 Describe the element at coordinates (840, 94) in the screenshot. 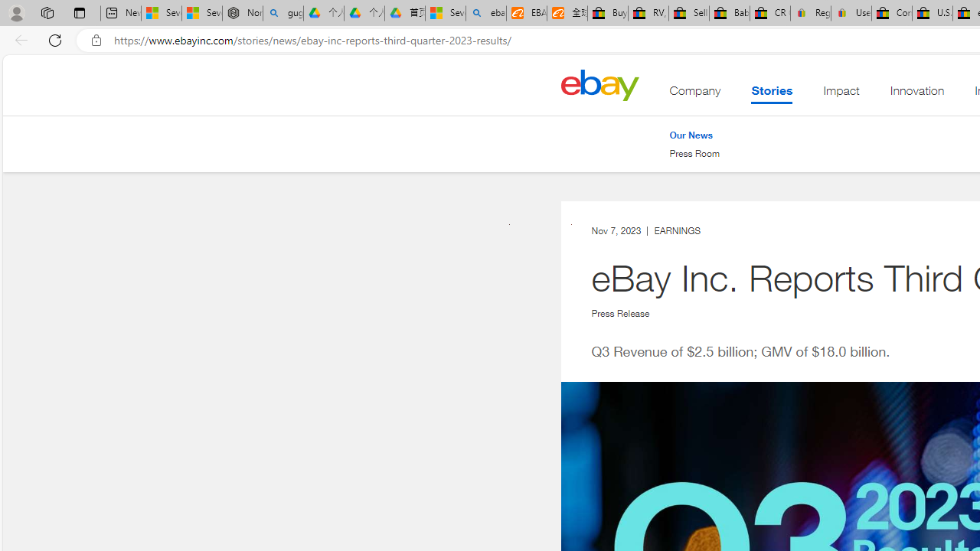

I see `'Impact'` at that location.